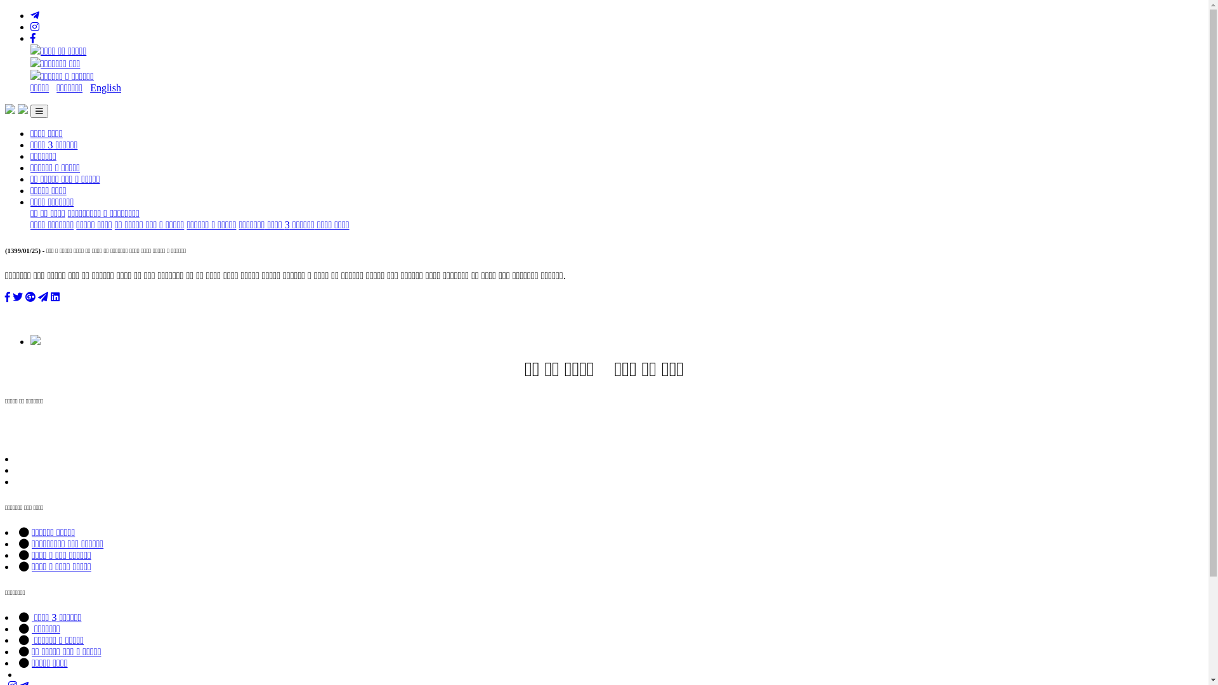  Describe the element at coordinates (105, 87) in the screenshot. I see `'English'` at that location.